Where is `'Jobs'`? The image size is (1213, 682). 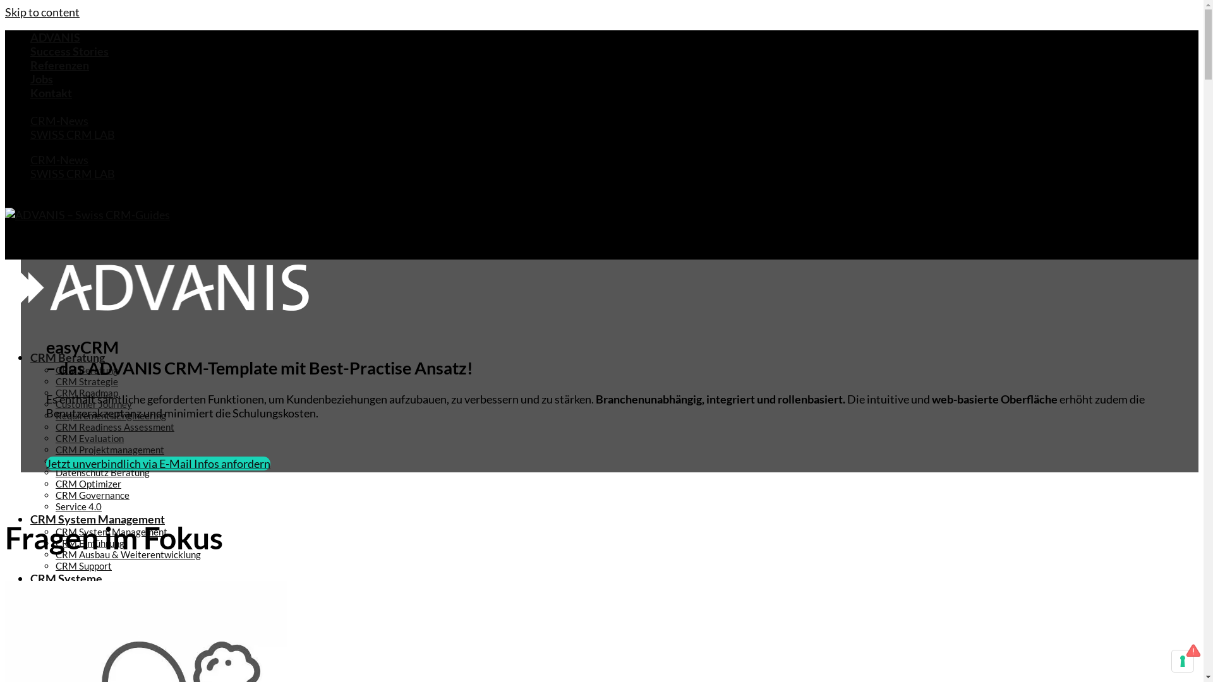
'Jobs' is located at coordinates (42, 78).